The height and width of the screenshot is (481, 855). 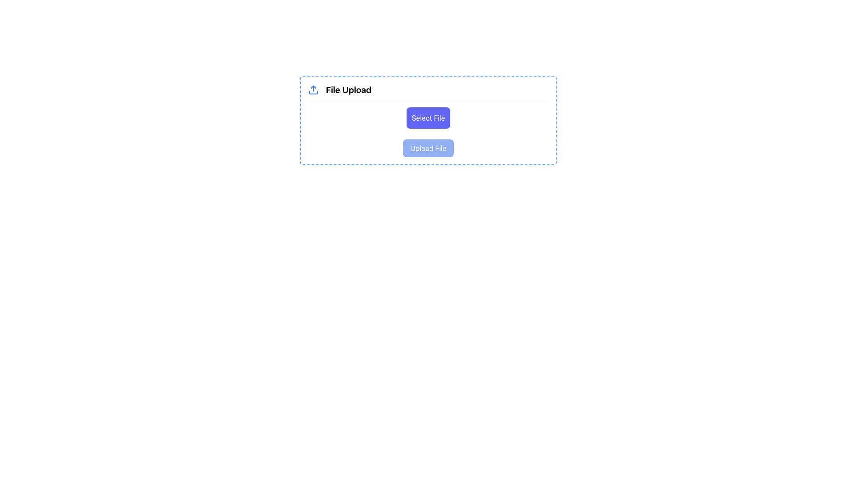 I want to click on the 'Select File' button, which is a rectangular button with a purple background and white text, to observe its hover effects, so click(x=428, y=118).